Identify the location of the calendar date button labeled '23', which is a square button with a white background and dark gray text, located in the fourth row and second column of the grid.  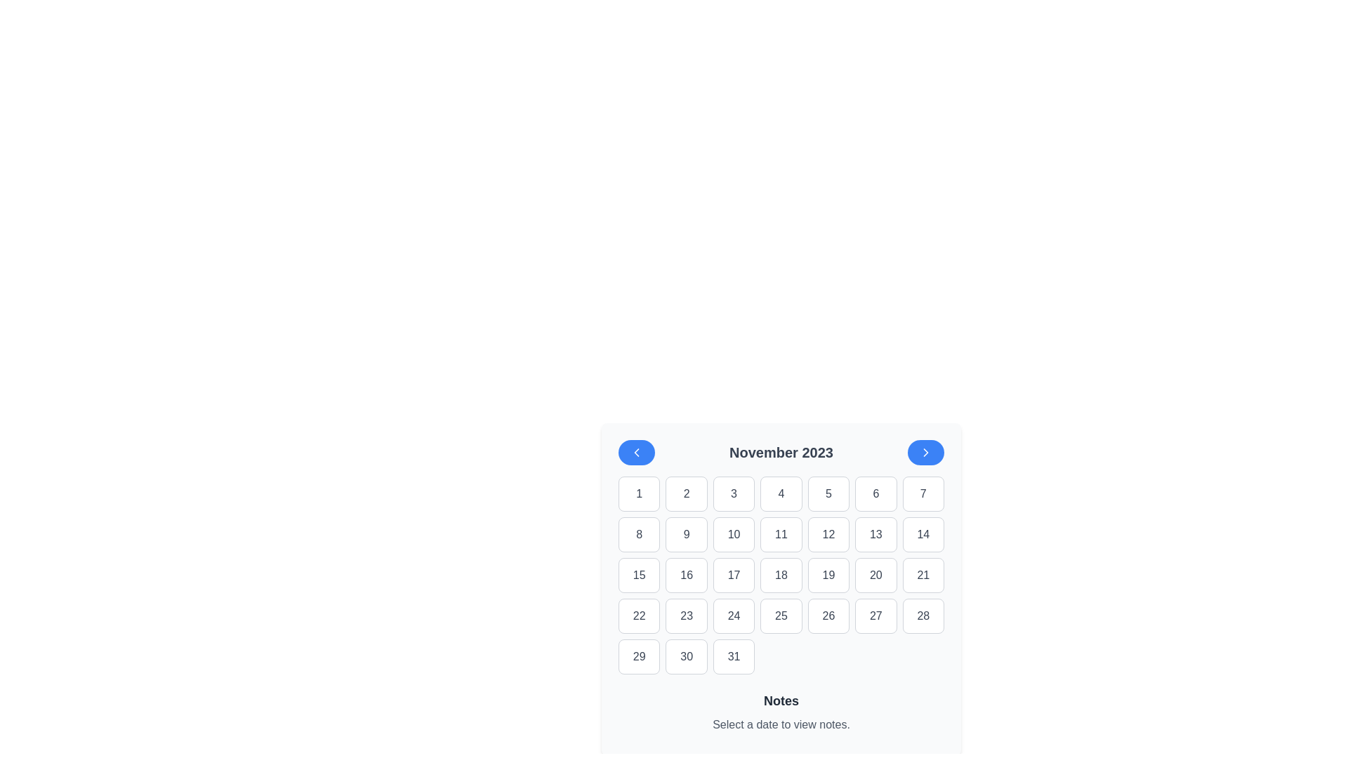
(687, 616).